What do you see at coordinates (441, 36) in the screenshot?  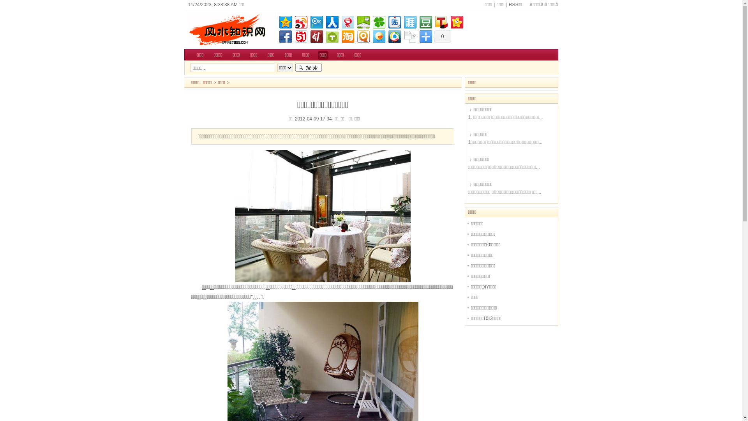 I see `'0'` at bounding box center [441, 36].